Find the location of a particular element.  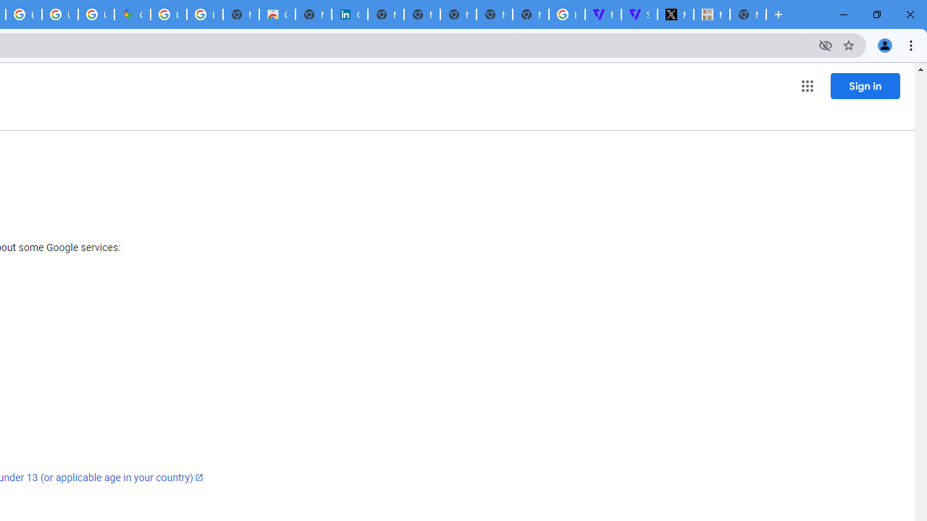

'Google Maps' is located at coordinates (133, 14).